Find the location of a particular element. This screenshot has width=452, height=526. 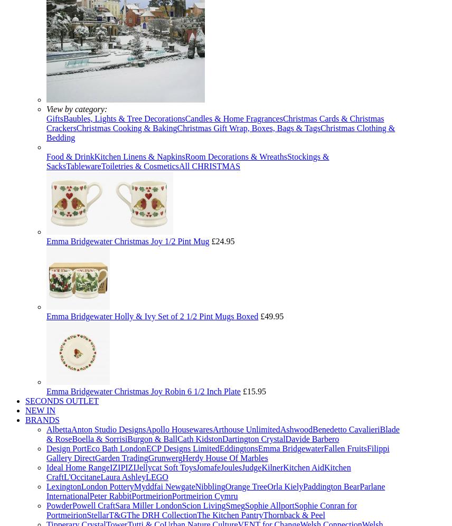

'Benedetto Cavalieri' is located at coordinates (346, 429).